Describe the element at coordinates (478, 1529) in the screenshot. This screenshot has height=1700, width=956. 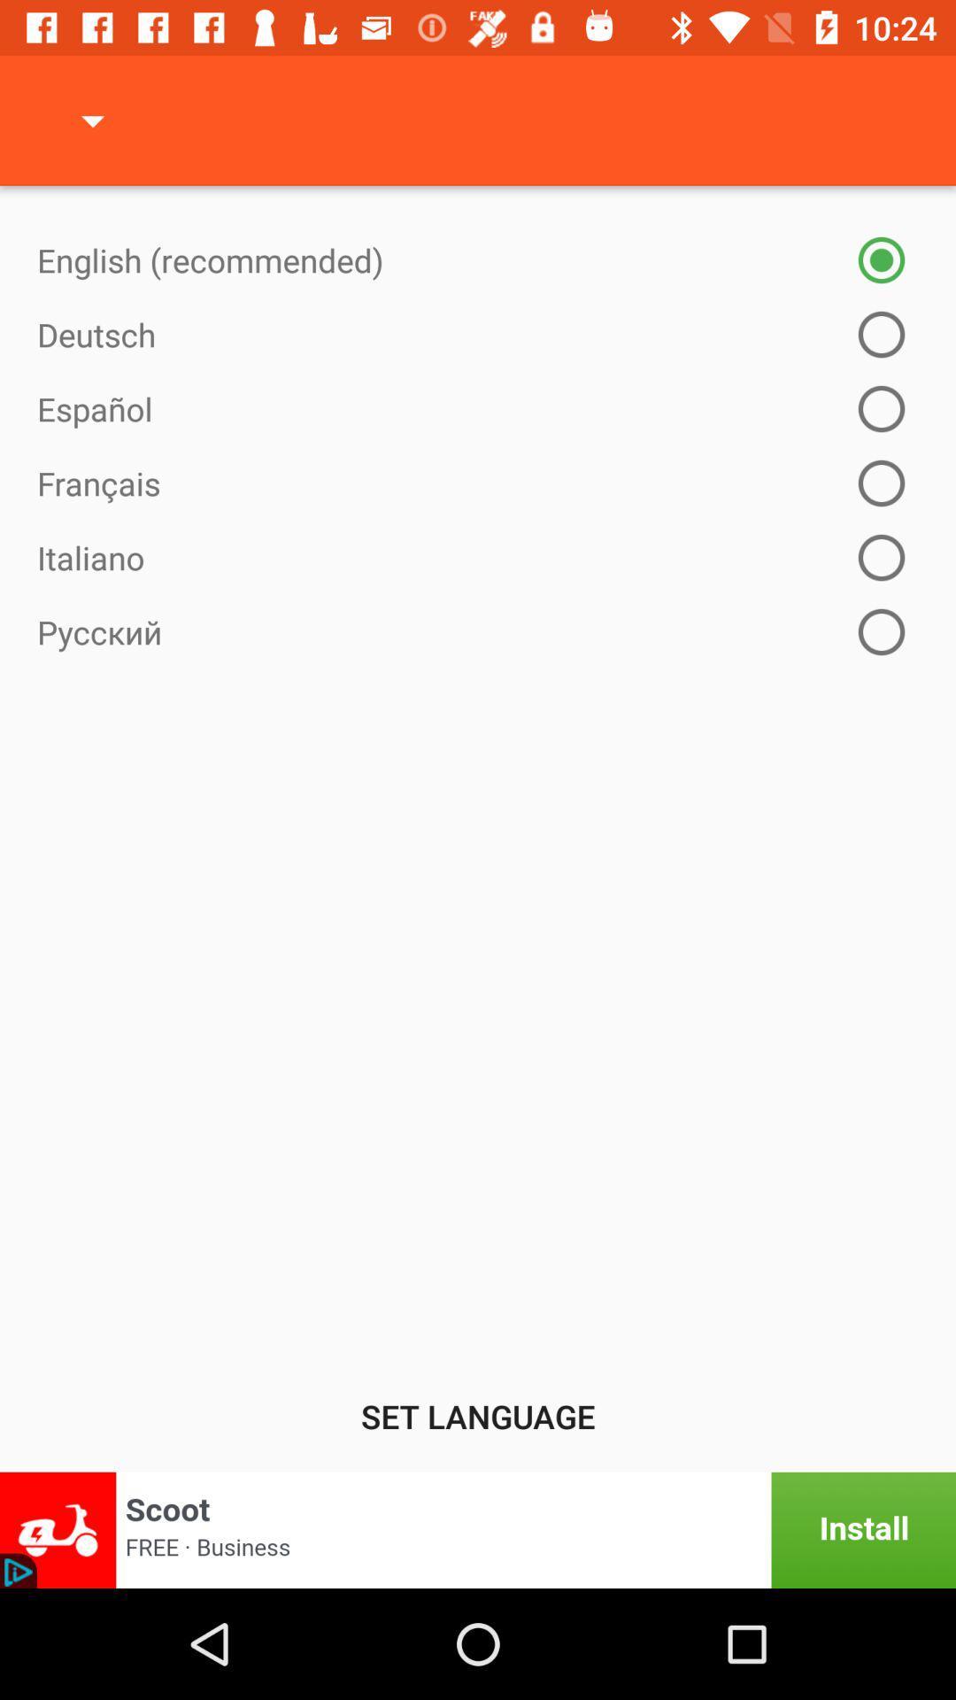
I see `ad-install app` at that location.